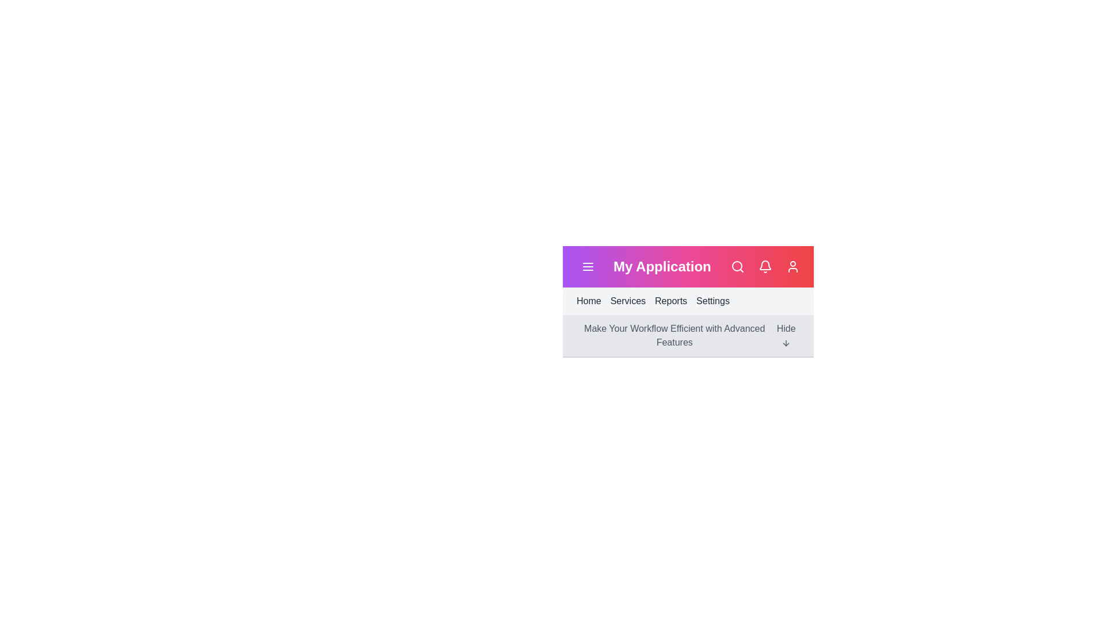 The width and height of the screenshot is (1105, 621). I want to click on the navigation link labeled Home to navigate to the corresponding section, so click(588, 301).